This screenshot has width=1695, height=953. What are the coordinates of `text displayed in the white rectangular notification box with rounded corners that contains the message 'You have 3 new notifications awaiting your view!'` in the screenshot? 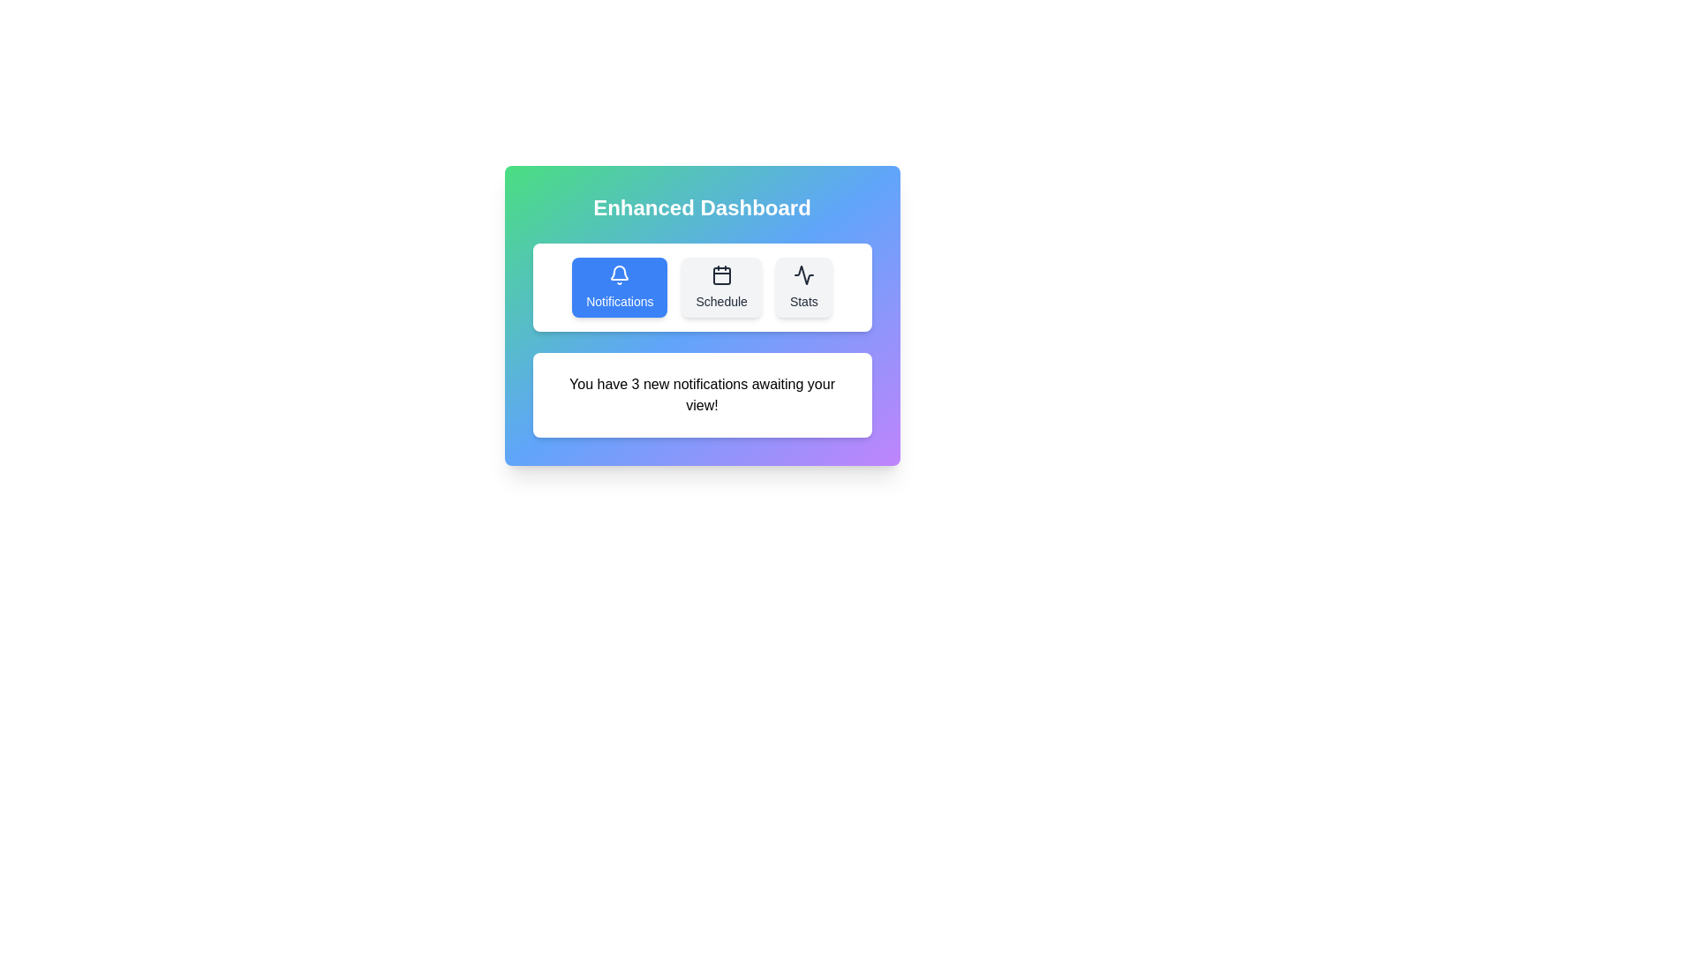 It's located at (701, 394).